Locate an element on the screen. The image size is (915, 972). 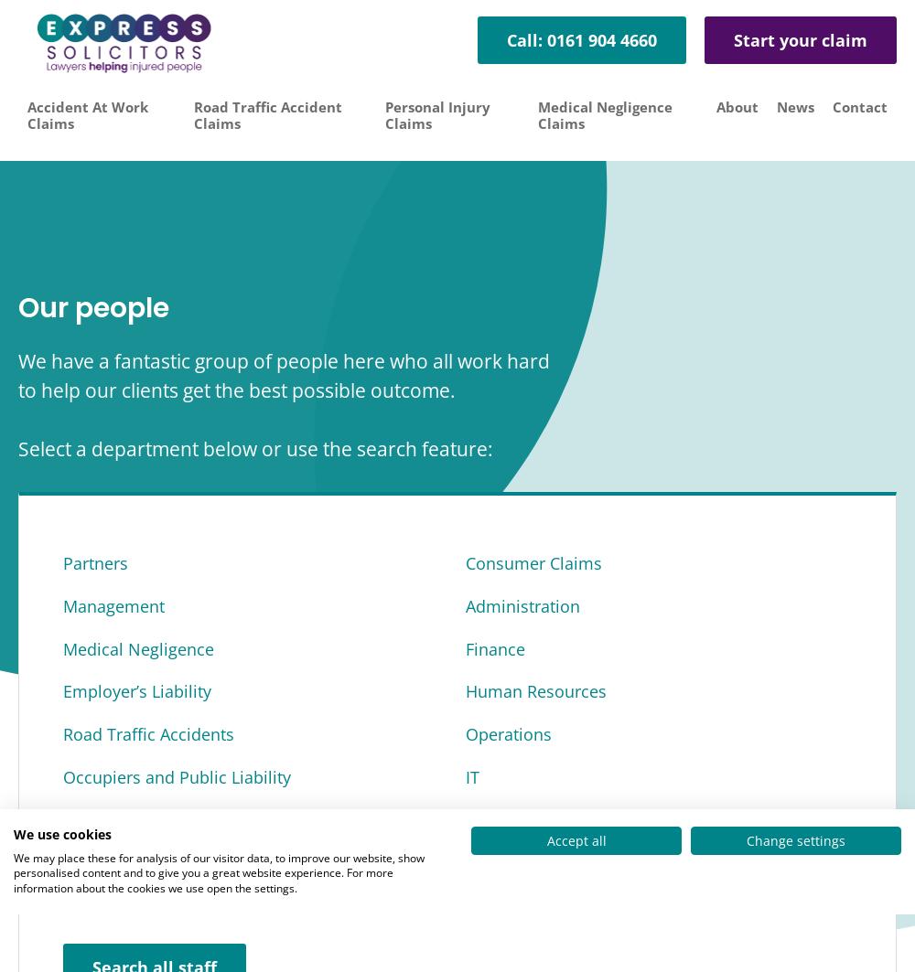
'Employer’s Liability' is located at coordinates (137, 690).